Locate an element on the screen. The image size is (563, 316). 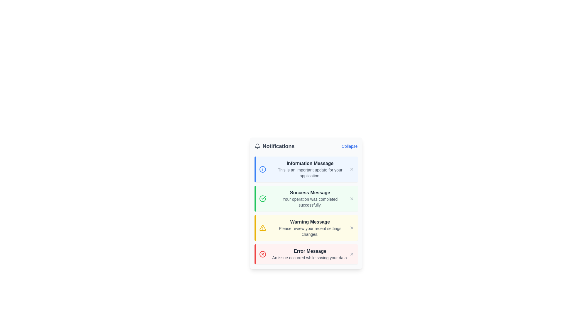
the close button in the top-right corner of the 'Information Message' notification is located at coordinates (352, 169).